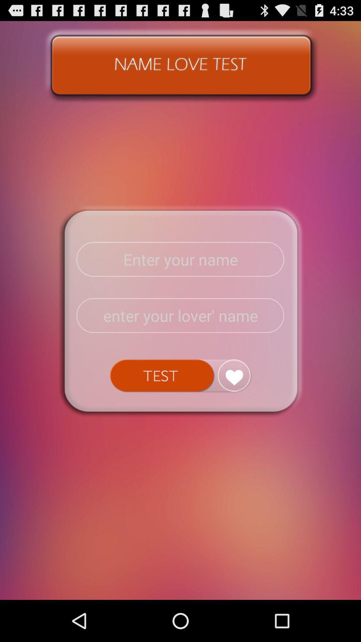 The image size is (361, 642). I want to click on name, so click(180, 259).